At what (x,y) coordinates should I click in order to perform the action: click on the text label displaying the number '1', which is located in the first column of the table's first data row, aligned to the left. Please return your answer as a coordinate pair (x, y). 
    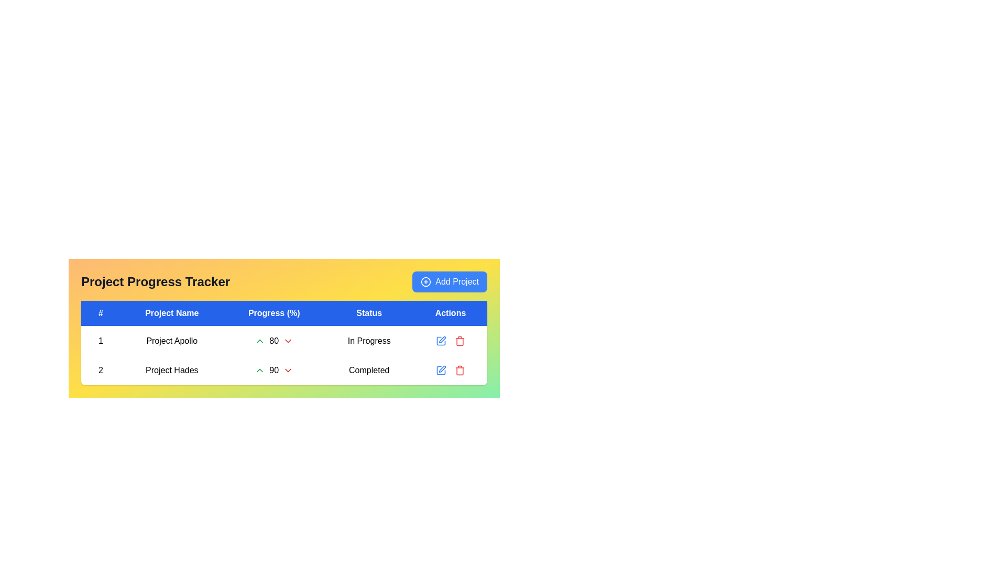
    Looking at the image, I should click on (101, 341).